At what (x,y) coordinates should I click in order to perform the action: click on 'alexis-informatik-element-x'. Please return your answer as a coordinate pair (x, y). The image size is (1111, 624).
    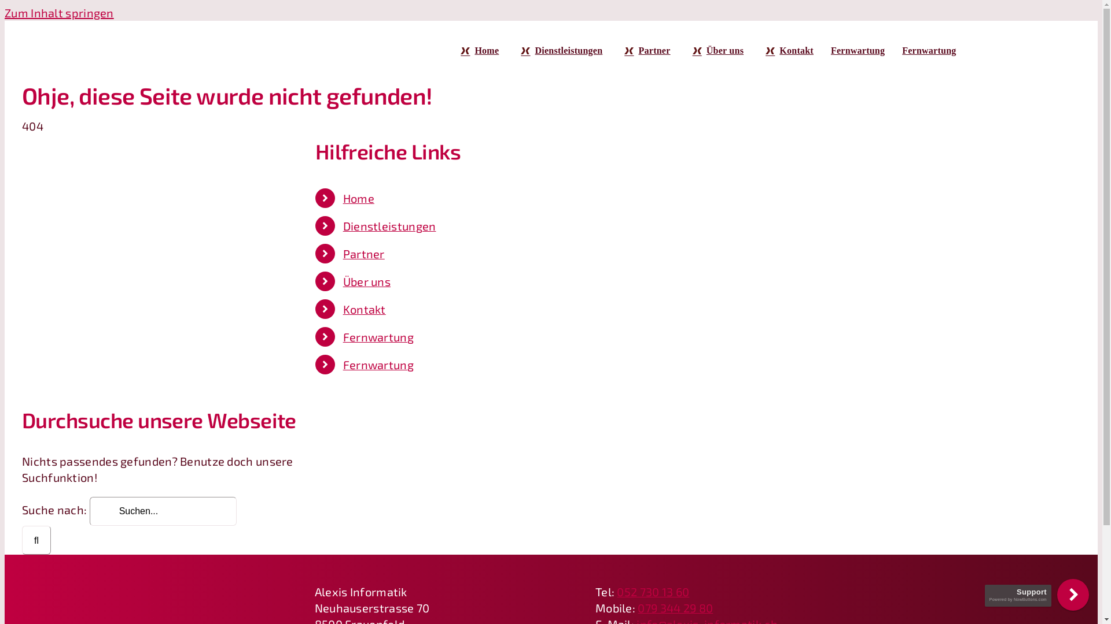
    Looking at the image, I should click on (154, 580).